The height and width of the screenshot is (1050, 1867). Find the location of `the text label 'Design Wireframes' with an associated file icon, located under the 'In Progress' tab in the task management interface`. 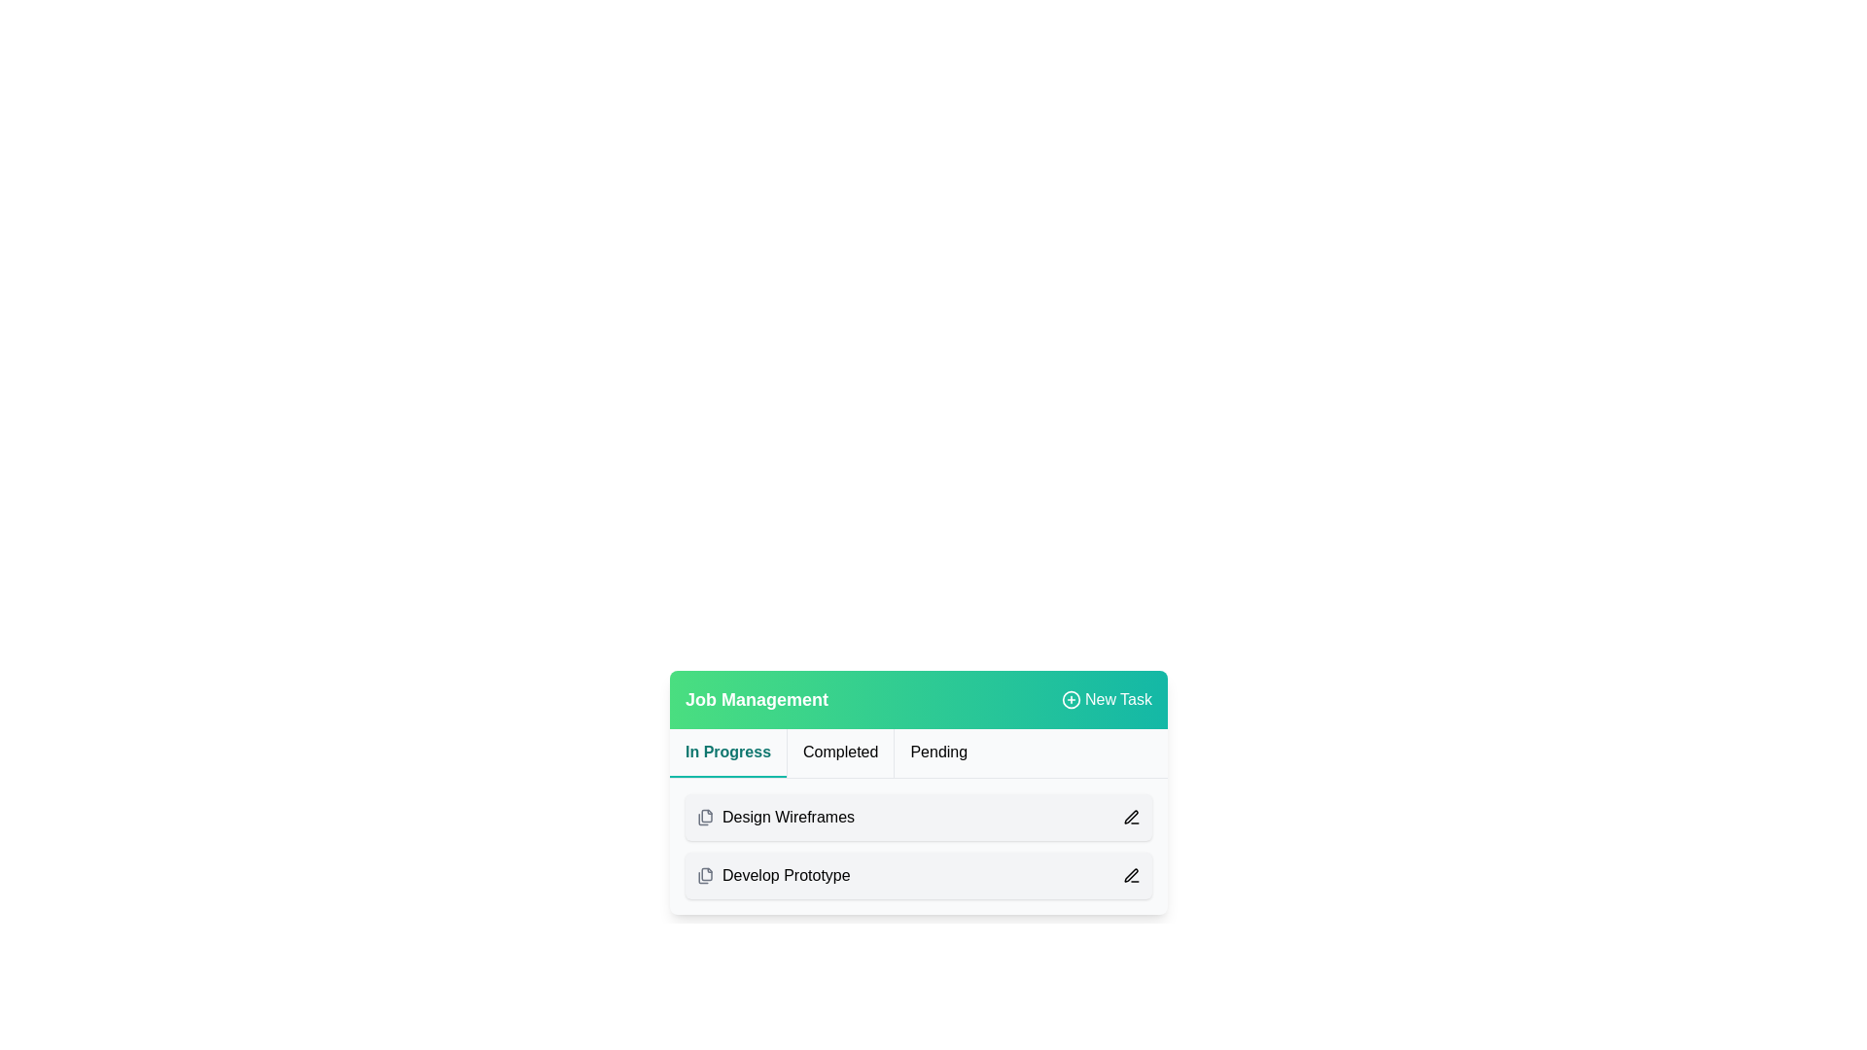

the text label 'Design Wireframes' with an associated file icon, located under the 'In Progress' tab in the task management interface is located at coordinates (774, 817).